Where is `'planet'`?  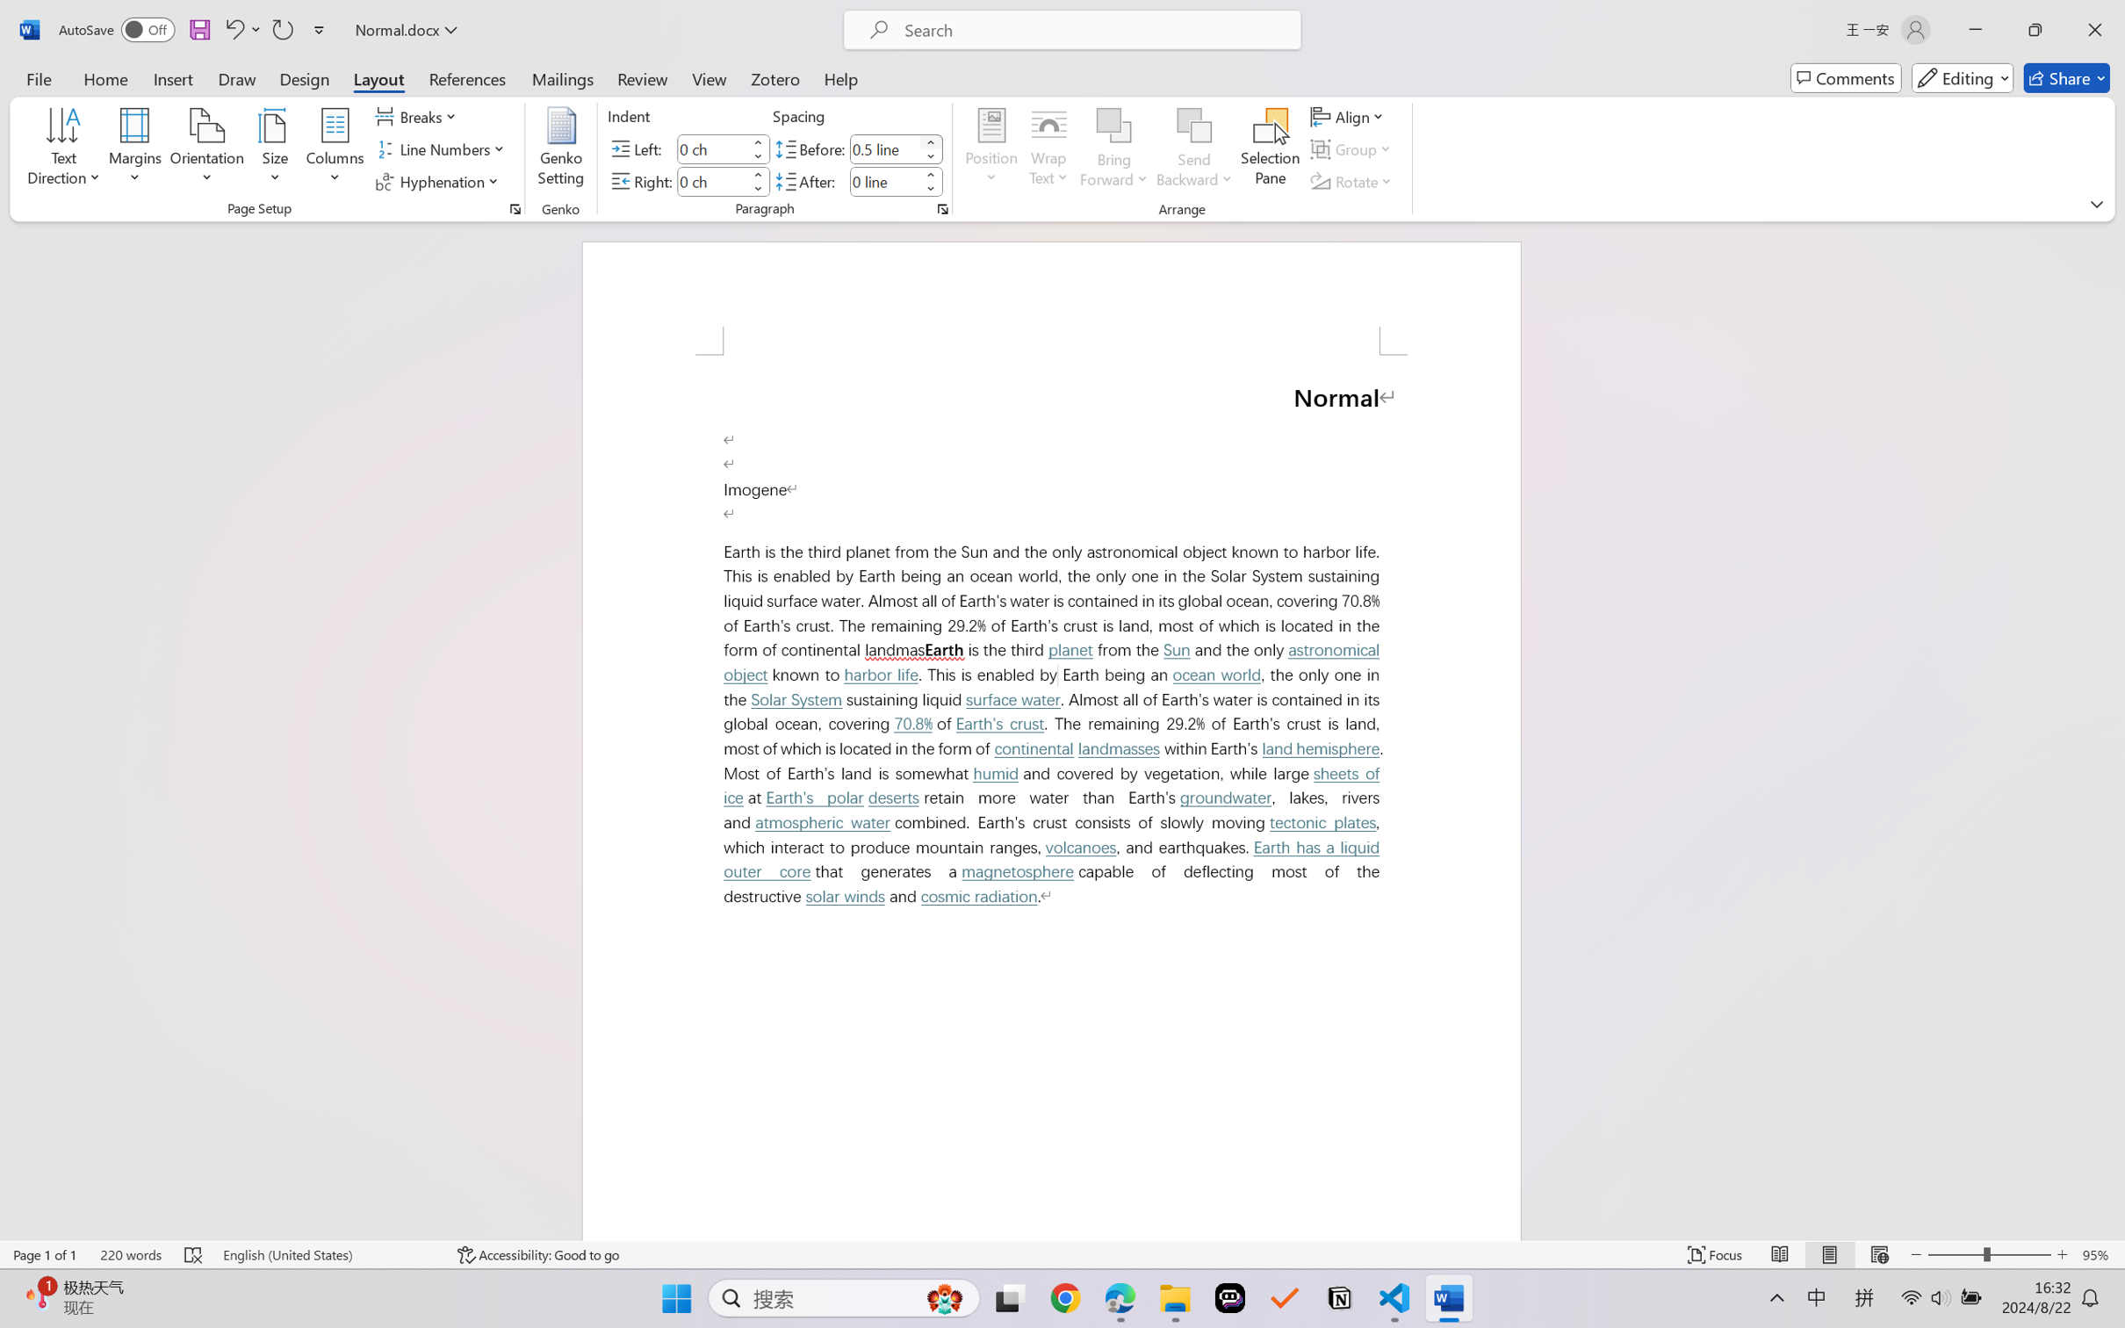 'planet' is located at coordinates (1069, 649).